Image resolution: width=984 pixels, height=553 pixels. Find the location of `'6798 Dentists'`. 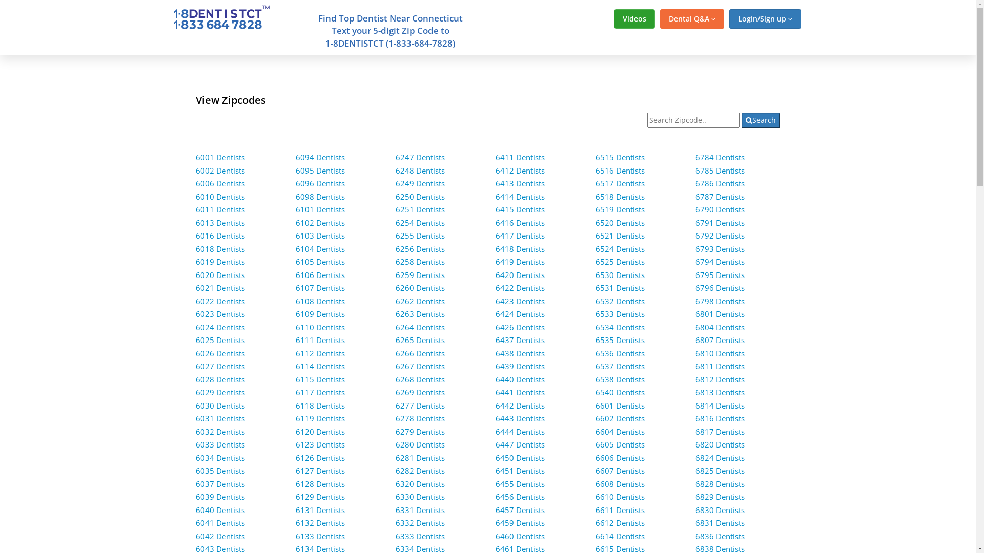

'6798 Dentists' is located at coordinates (695, 300).